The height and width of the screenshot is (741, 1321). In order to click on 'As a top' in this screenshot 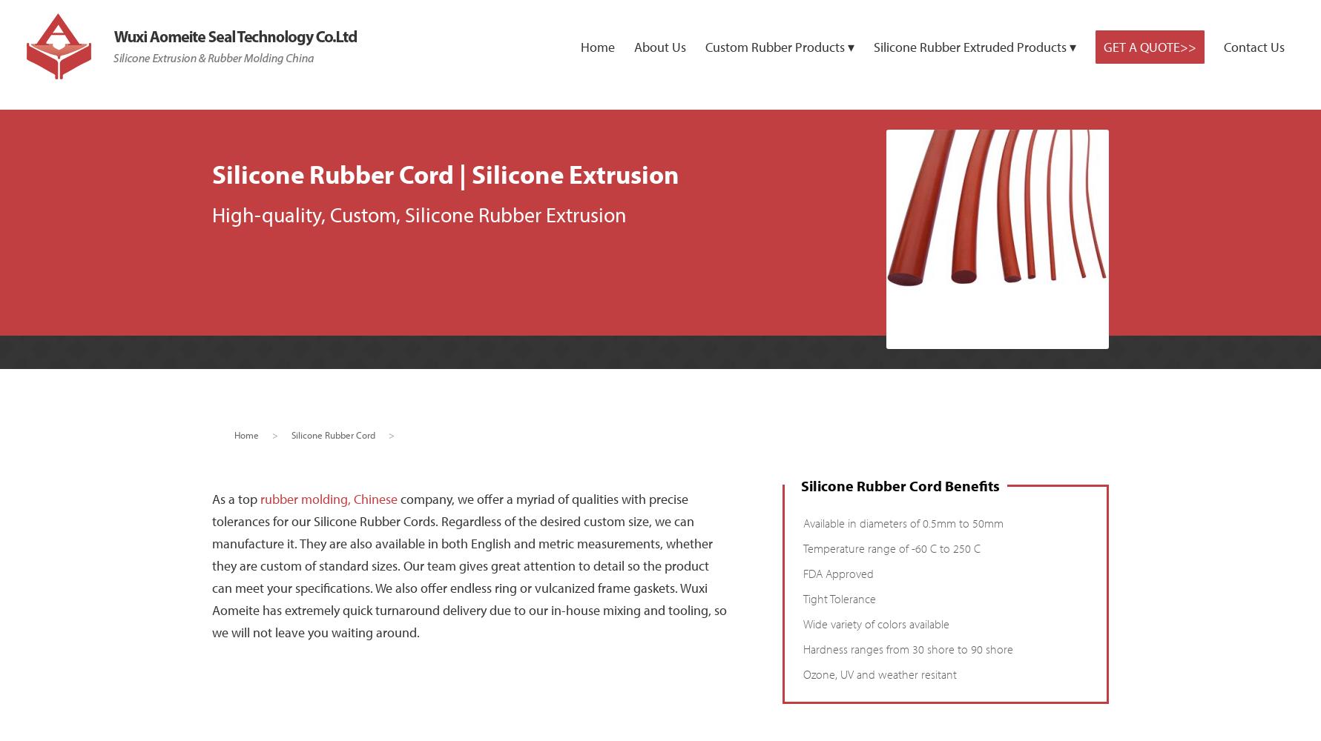, I will do `click(234, 498)`.